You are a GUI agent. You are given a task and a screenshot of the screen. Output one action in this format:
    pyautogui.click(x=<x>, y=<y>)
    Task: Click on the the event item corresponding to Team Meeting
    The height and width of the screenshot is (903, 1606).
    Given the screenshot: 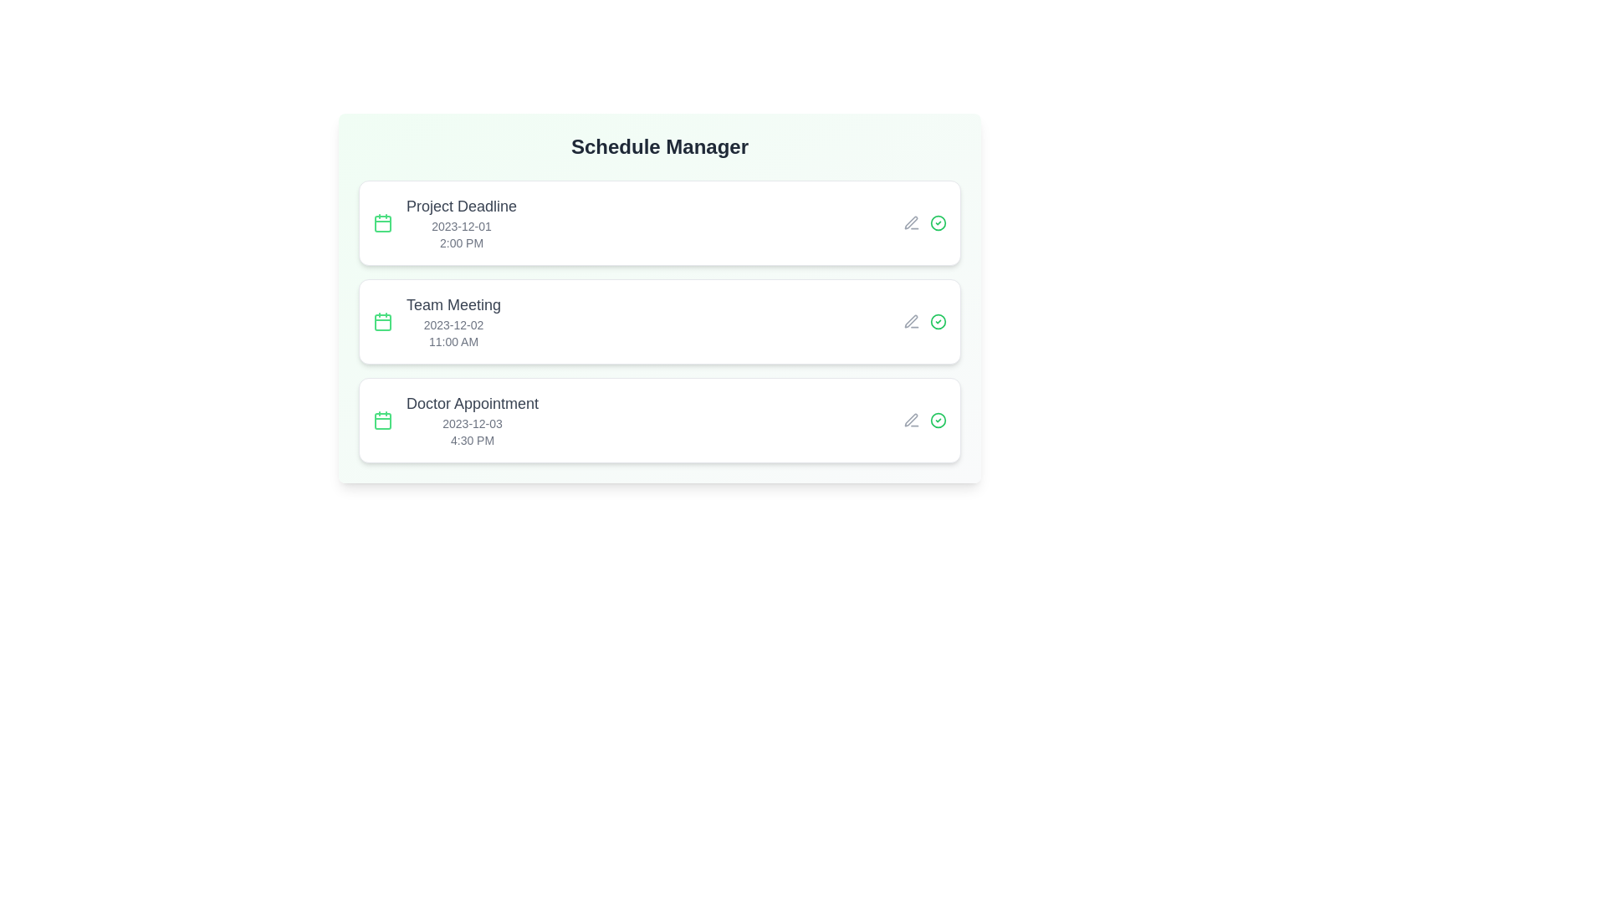 What is the action you would take?
    pyautogui.click(x=658, y=322)
    